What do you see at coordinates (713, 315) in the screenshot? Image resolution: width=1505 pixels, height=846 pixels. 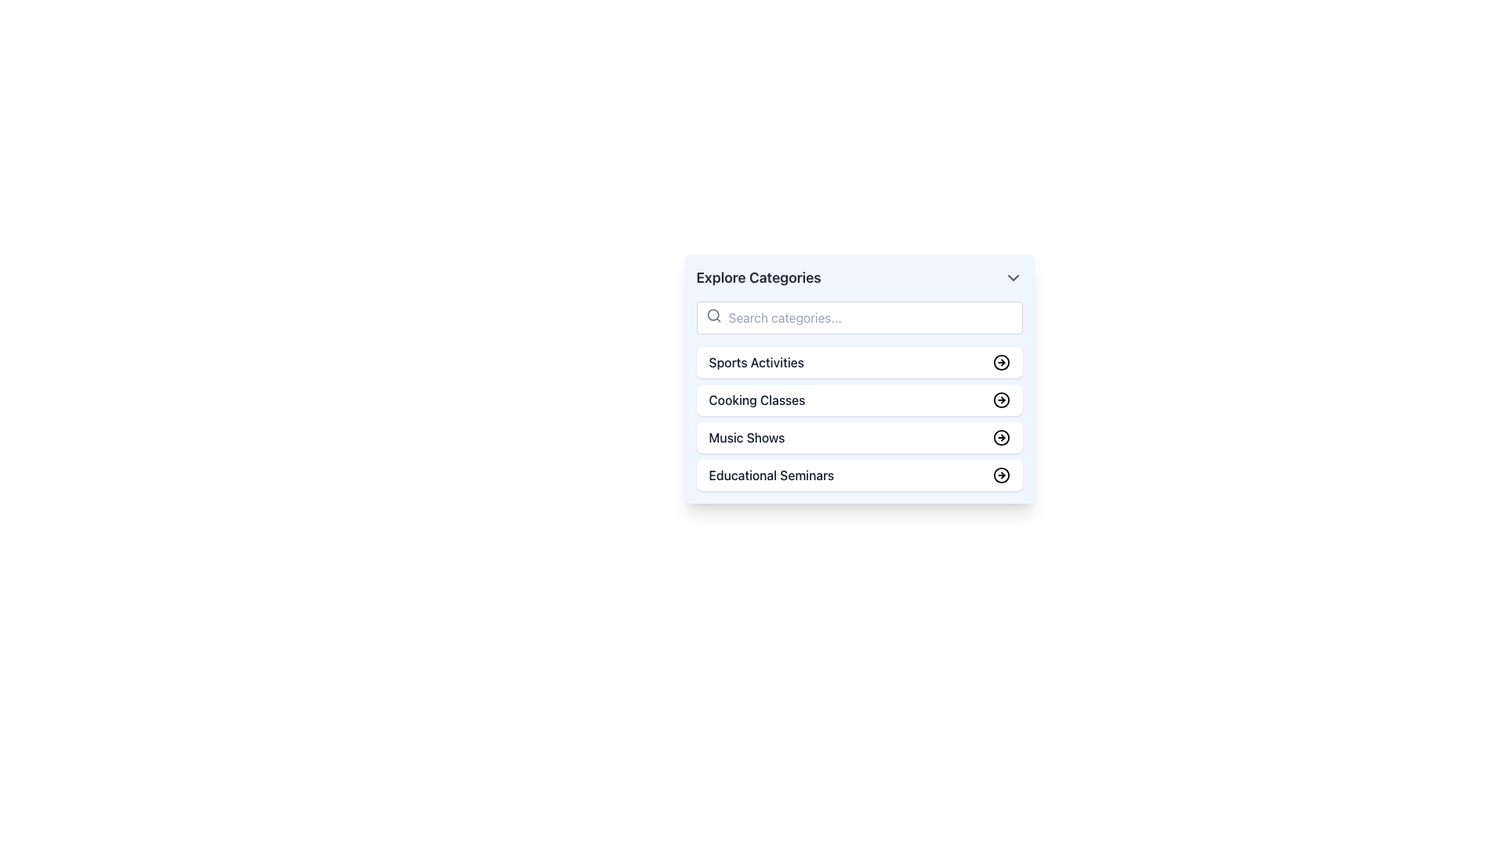 I see `the magnifying glass icon located inside the top input field of the 'Explore Categories' section` at bounding box center [713, 315].